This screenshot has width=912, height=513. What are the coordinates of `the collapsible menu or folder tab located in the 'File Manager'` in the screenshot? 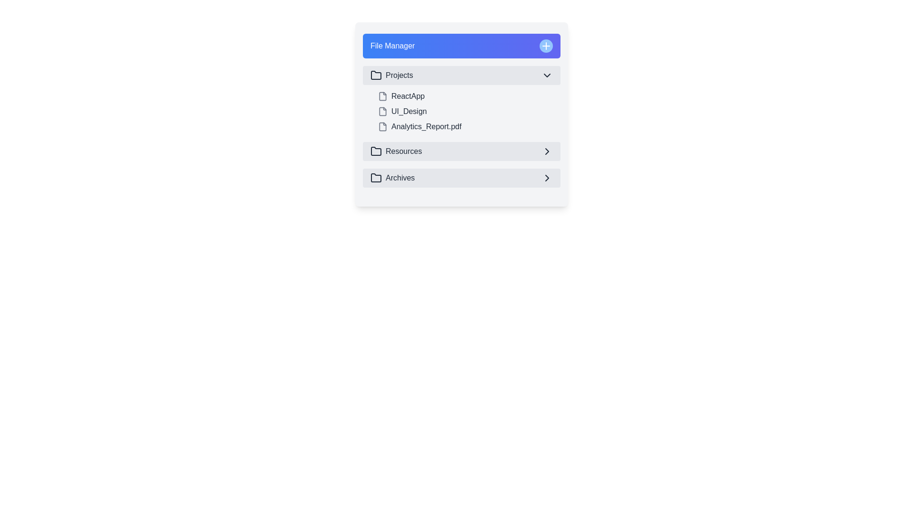 It's located at (461, 75).